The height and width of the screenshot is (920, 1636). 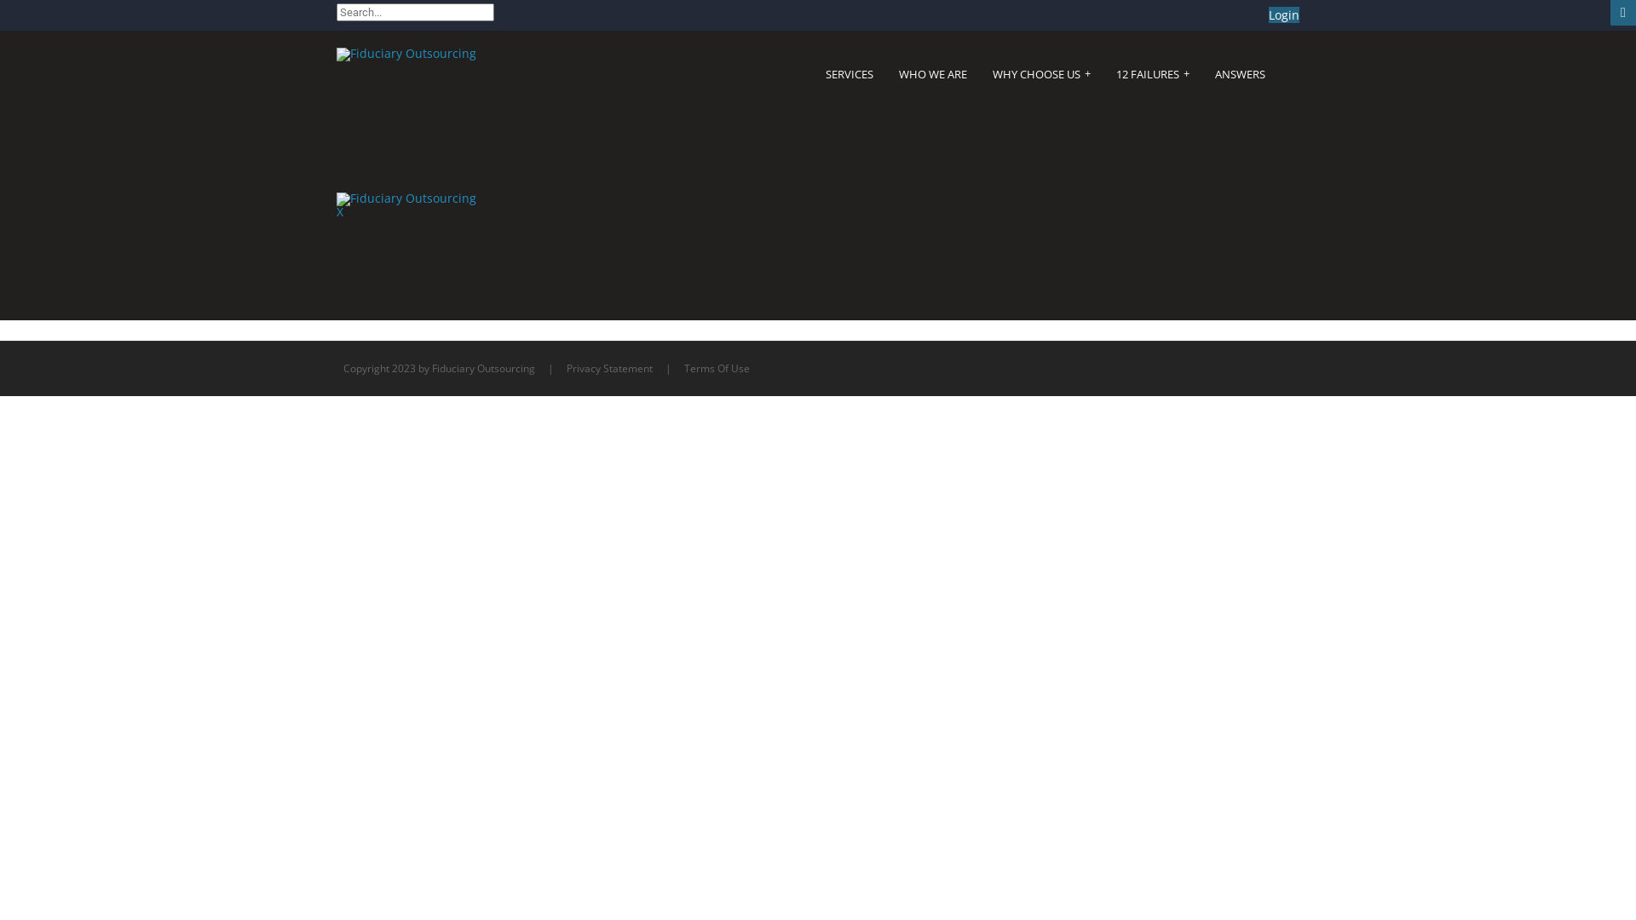 I want to click on 'Terms Of Use', so click(x=717, y=367).